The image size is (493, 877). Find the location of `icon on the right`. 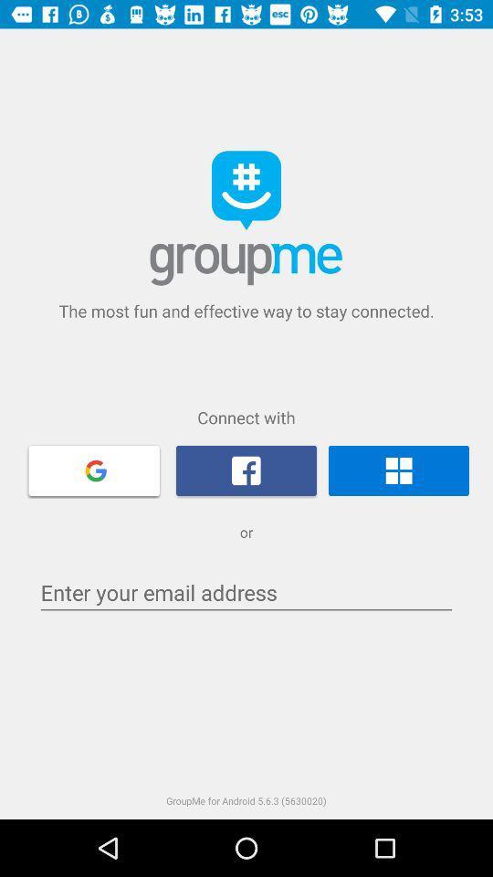

icon on the right is located at coordinates (397, 470).